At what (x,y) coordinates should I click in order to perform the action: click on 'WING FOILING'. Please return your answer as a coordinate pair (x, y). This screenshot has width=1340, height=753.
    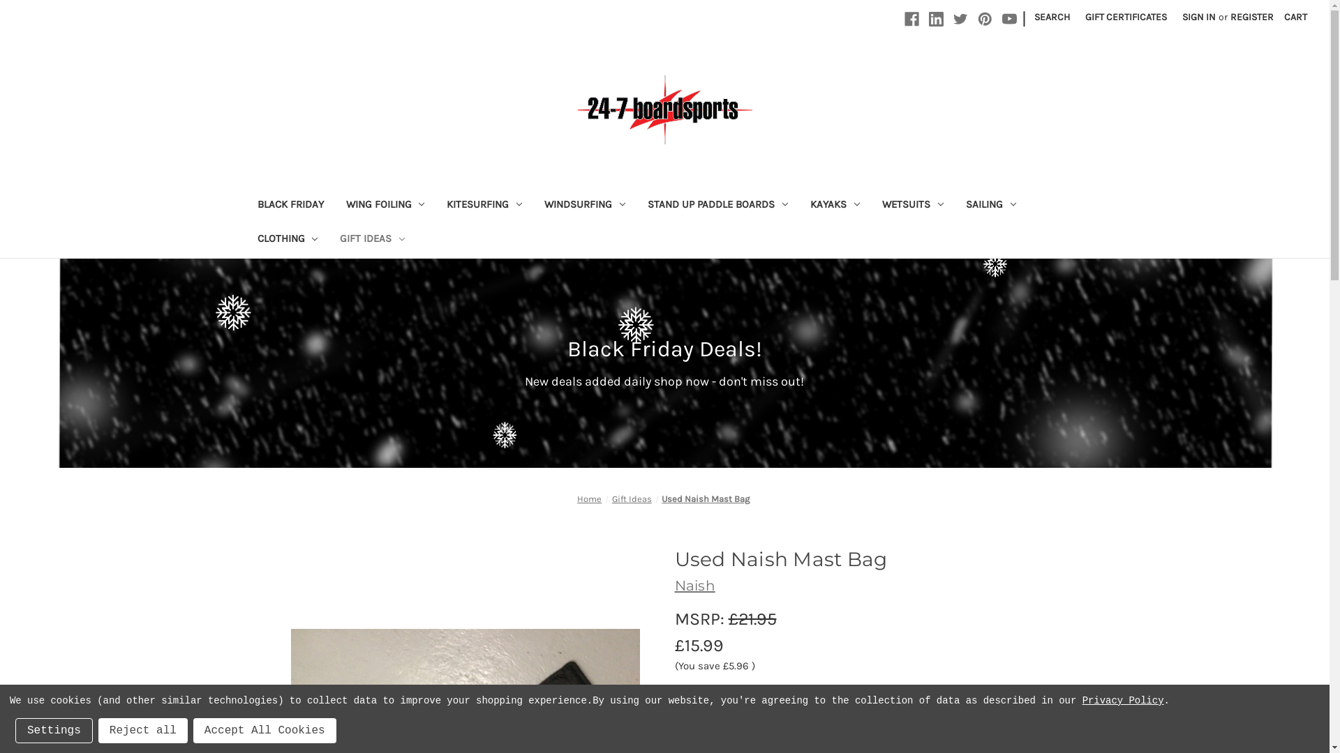
    Looking at the image, I should click on (385, 206).